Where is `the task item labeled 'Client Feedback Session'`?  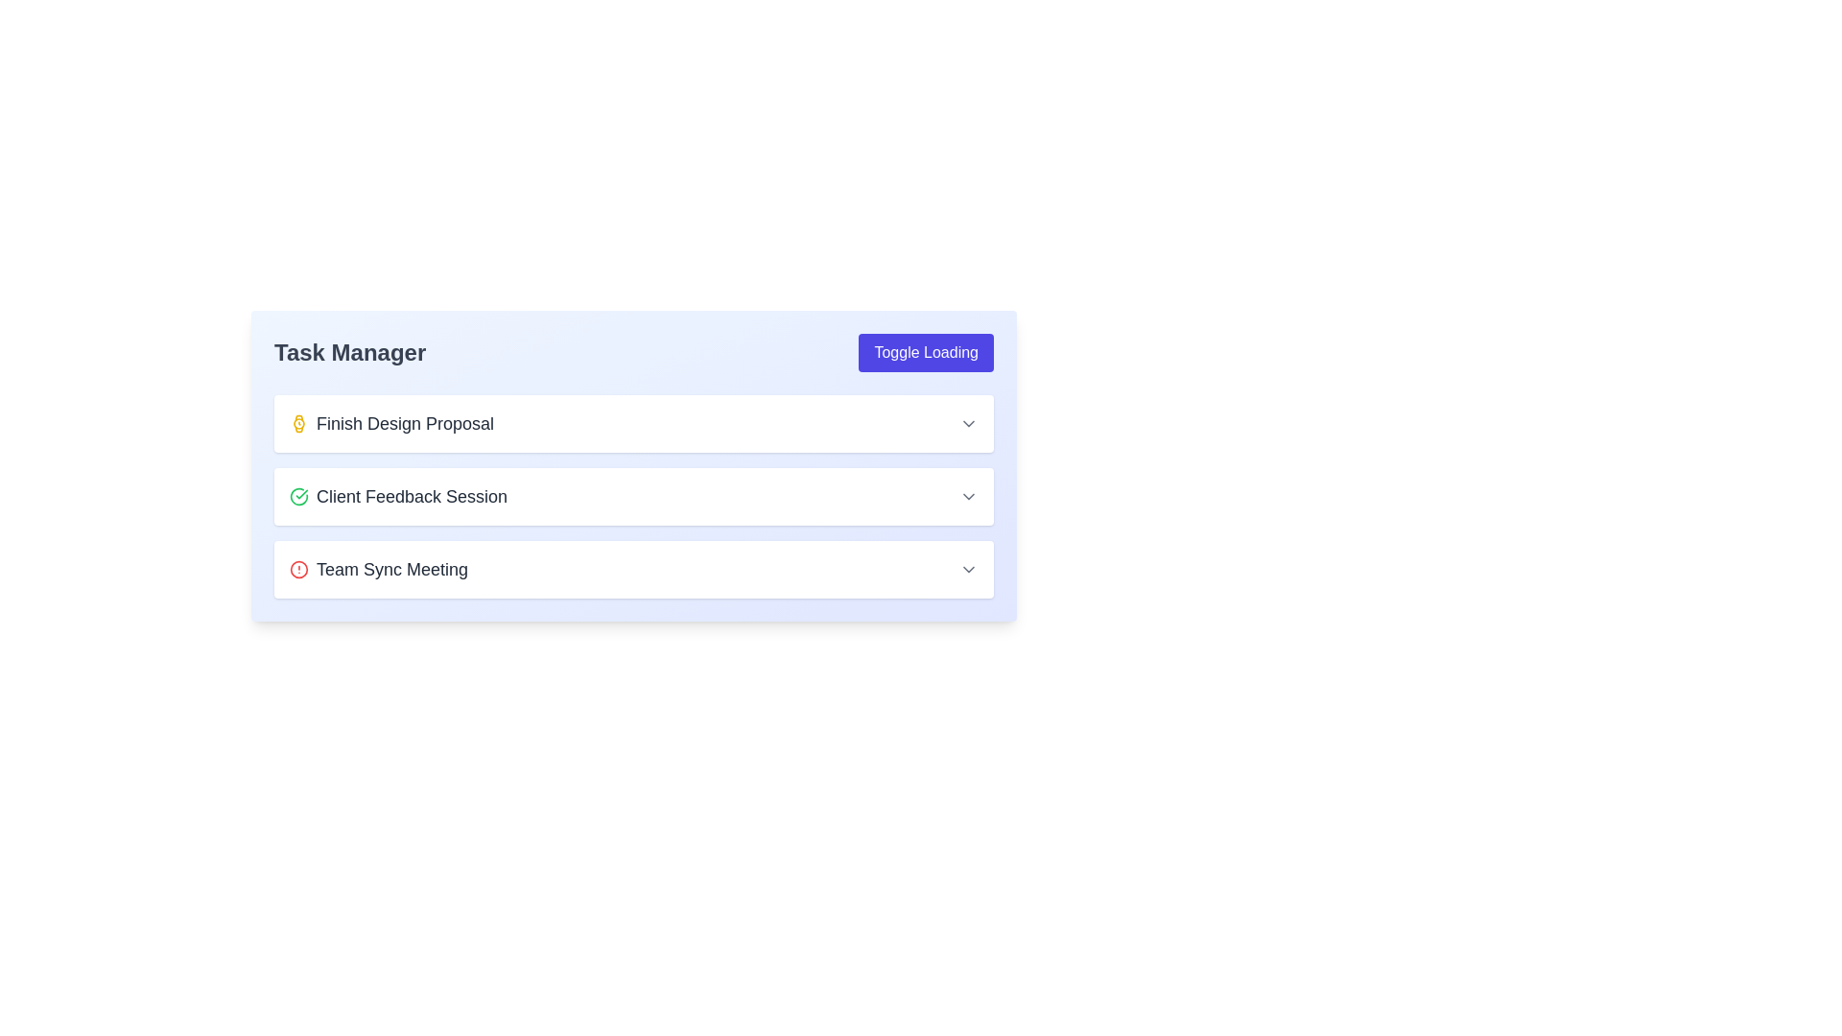
the task item labeled 'Client Feedback Session' is located at coordinates (634, 466).